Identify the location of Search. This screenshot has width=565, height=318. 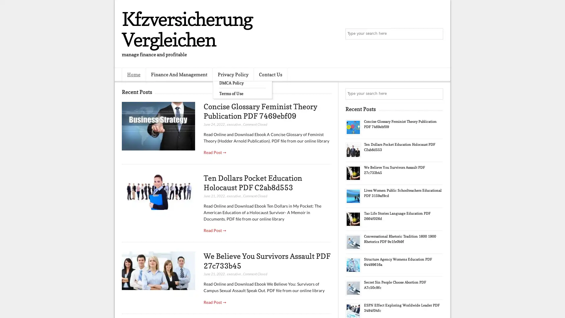
(437, 34).